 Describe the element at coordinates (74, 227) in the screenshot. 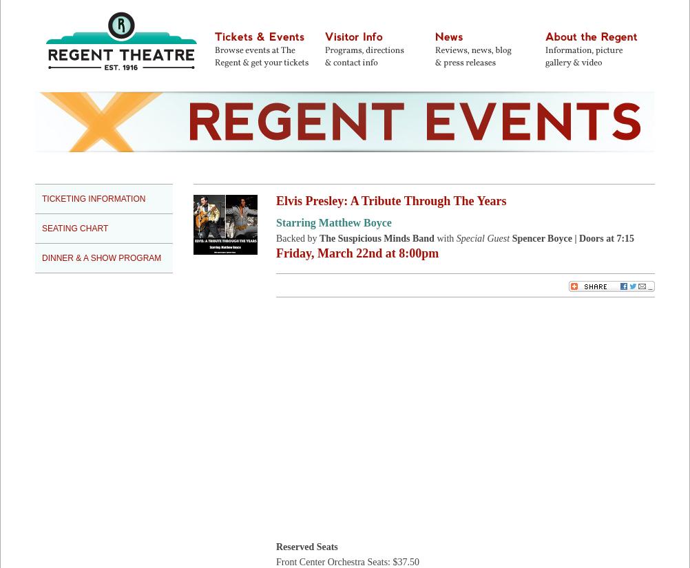

I see `'Seating Chart'` at that location.